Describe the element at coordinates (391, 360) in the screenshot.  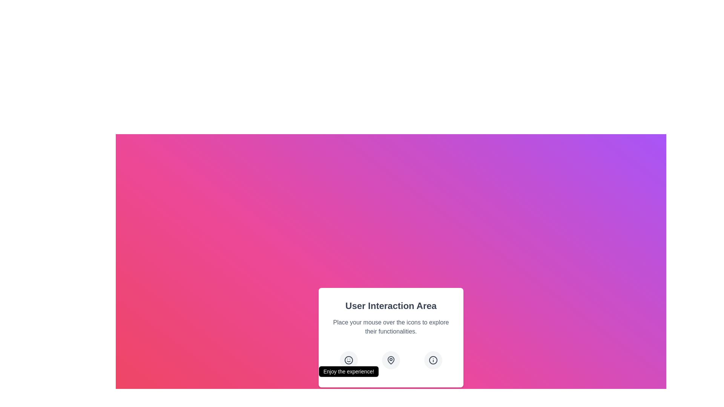
I see `the central rounded button with a map pin icon` at that location.